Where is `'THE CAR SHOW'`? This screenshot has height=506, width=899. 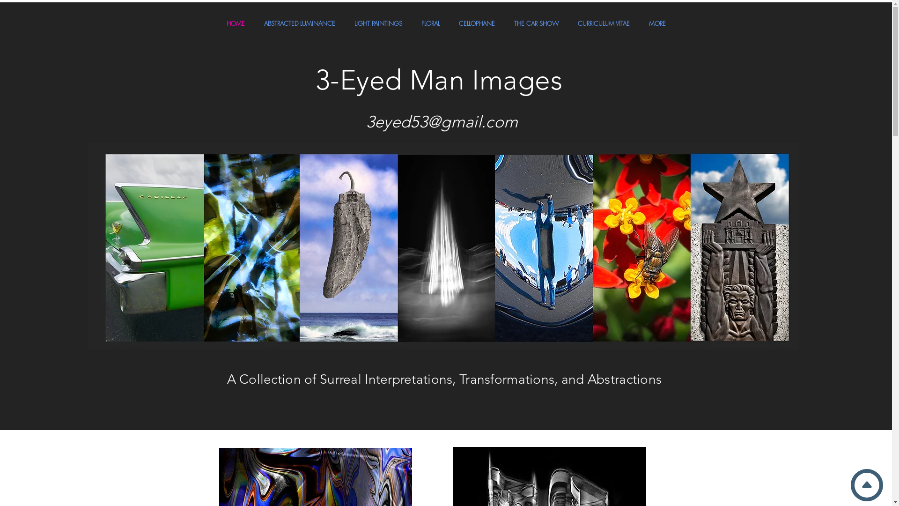 'THE CAR SHOW' is located at coordinates (537, 23).